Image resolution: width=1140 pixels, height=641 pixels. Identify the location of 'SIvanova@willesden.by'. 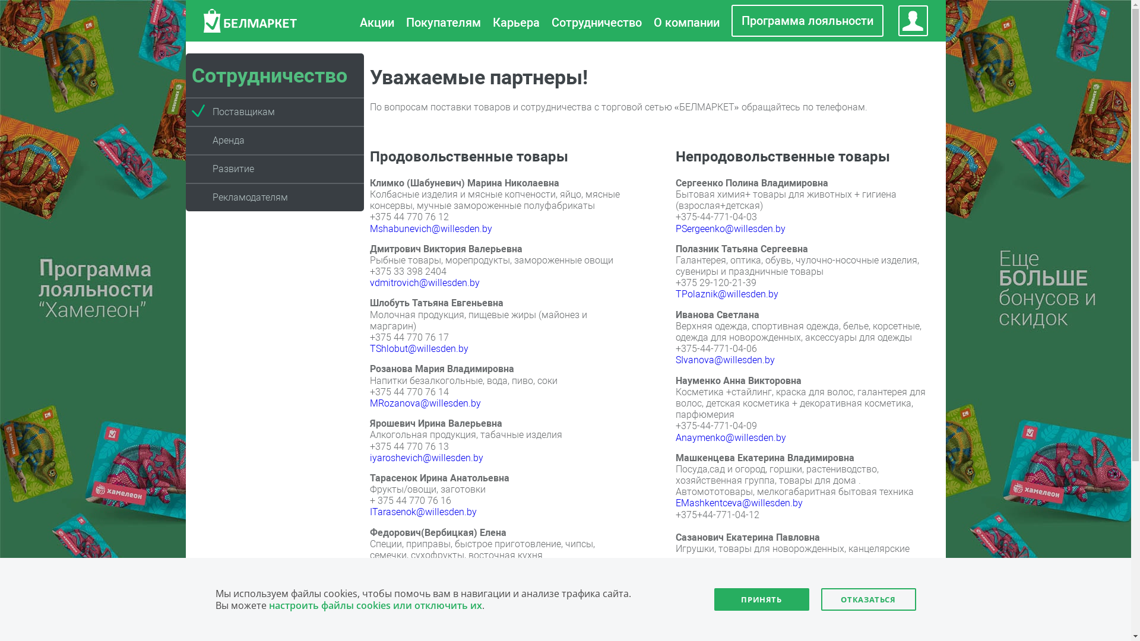
(675, 359).